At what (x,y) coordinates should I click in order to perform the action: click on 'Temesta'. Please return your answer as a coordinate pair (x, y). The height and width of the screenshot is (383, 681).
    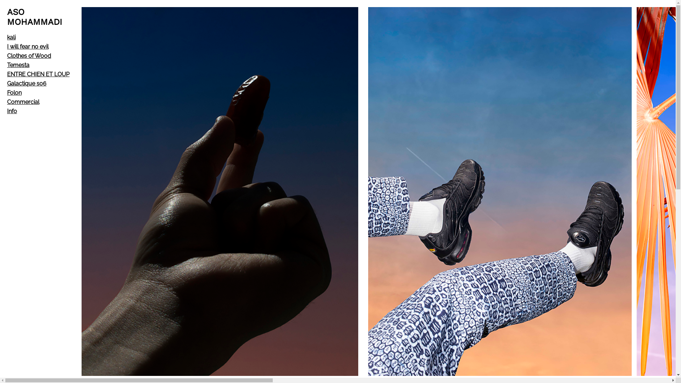
    Looking at the image, I should click on (18, 65).